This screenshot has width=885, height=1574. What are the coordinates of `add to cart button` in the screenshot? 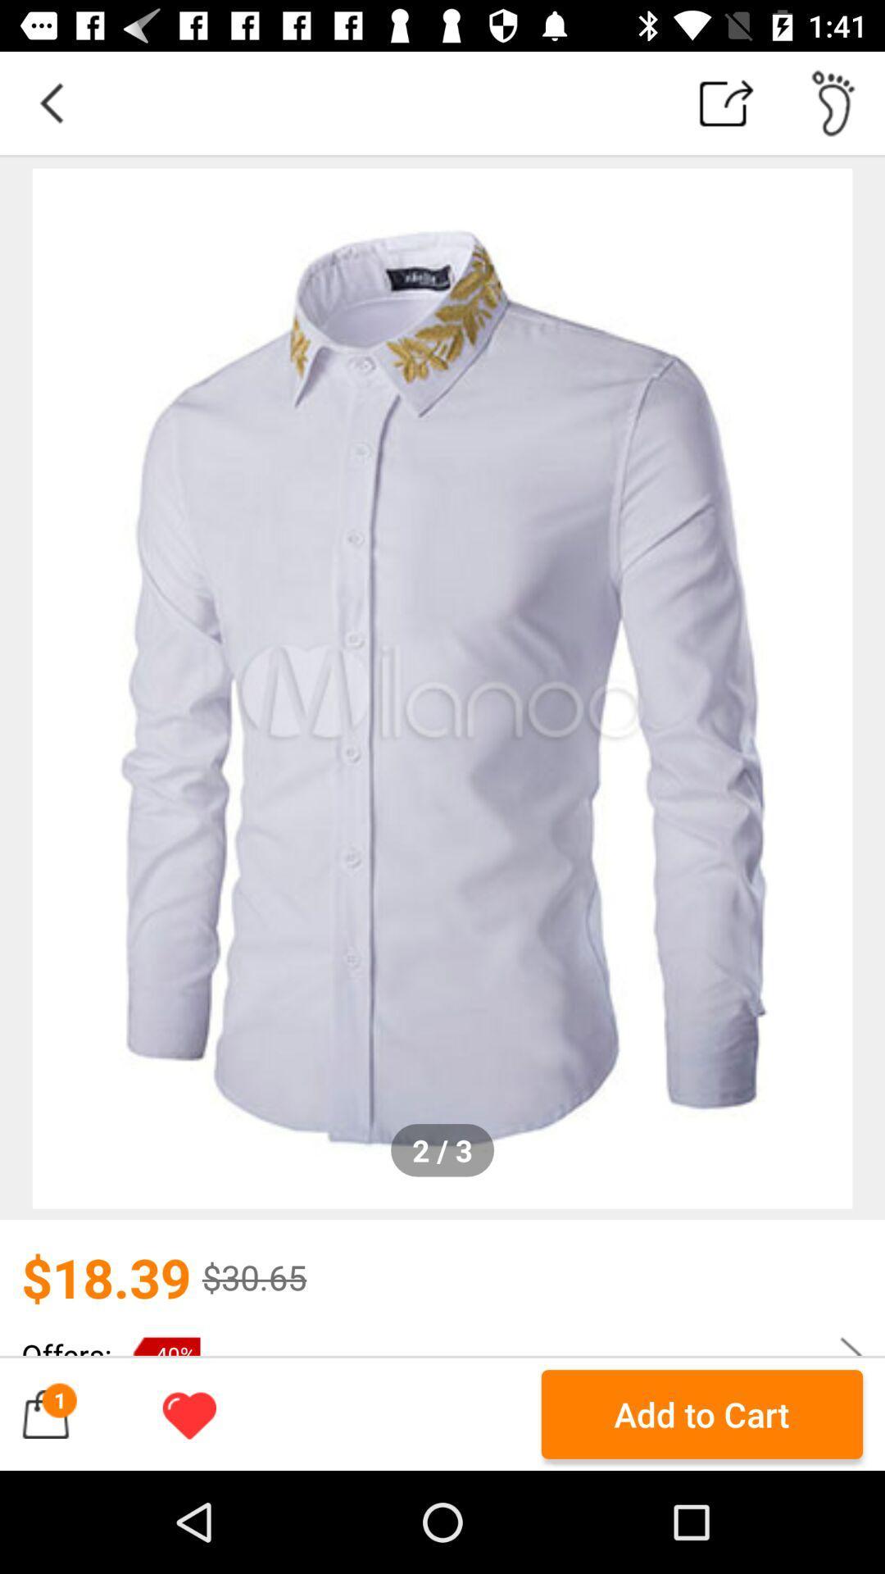 It's located at (701, 1413).